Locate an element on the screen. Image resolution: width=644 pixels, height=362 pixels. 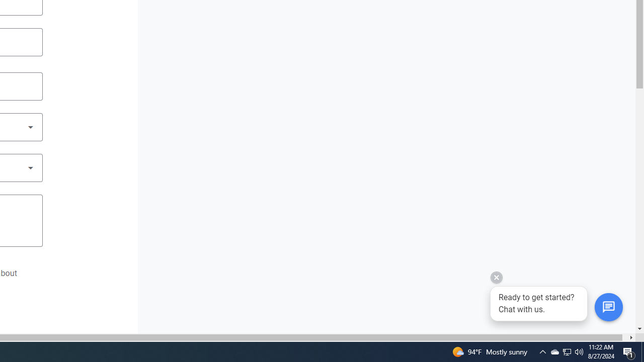
'Button to activate chat' is located at coordinates (608, 307).